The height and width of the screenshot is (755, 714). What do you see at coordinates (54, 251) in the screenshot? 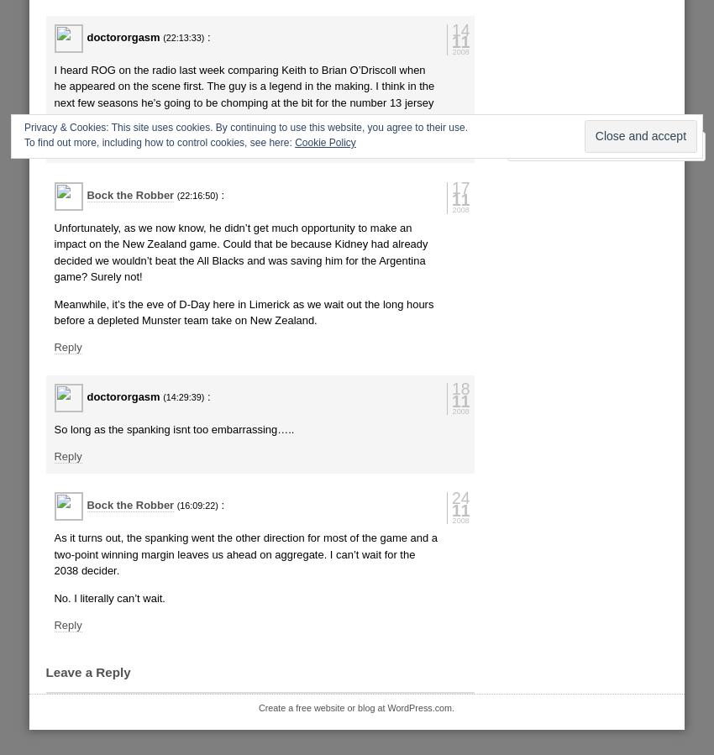
I see `'Unfortunately, as we now know, he didn’t get much opportunity to make an impact on the New Zealand game.  Could that be because Kidney had already decided we wouldn’t beat the All Blacks and was saving him for the Argentina game?  Surely not!'` at bounding box center [54, 251].